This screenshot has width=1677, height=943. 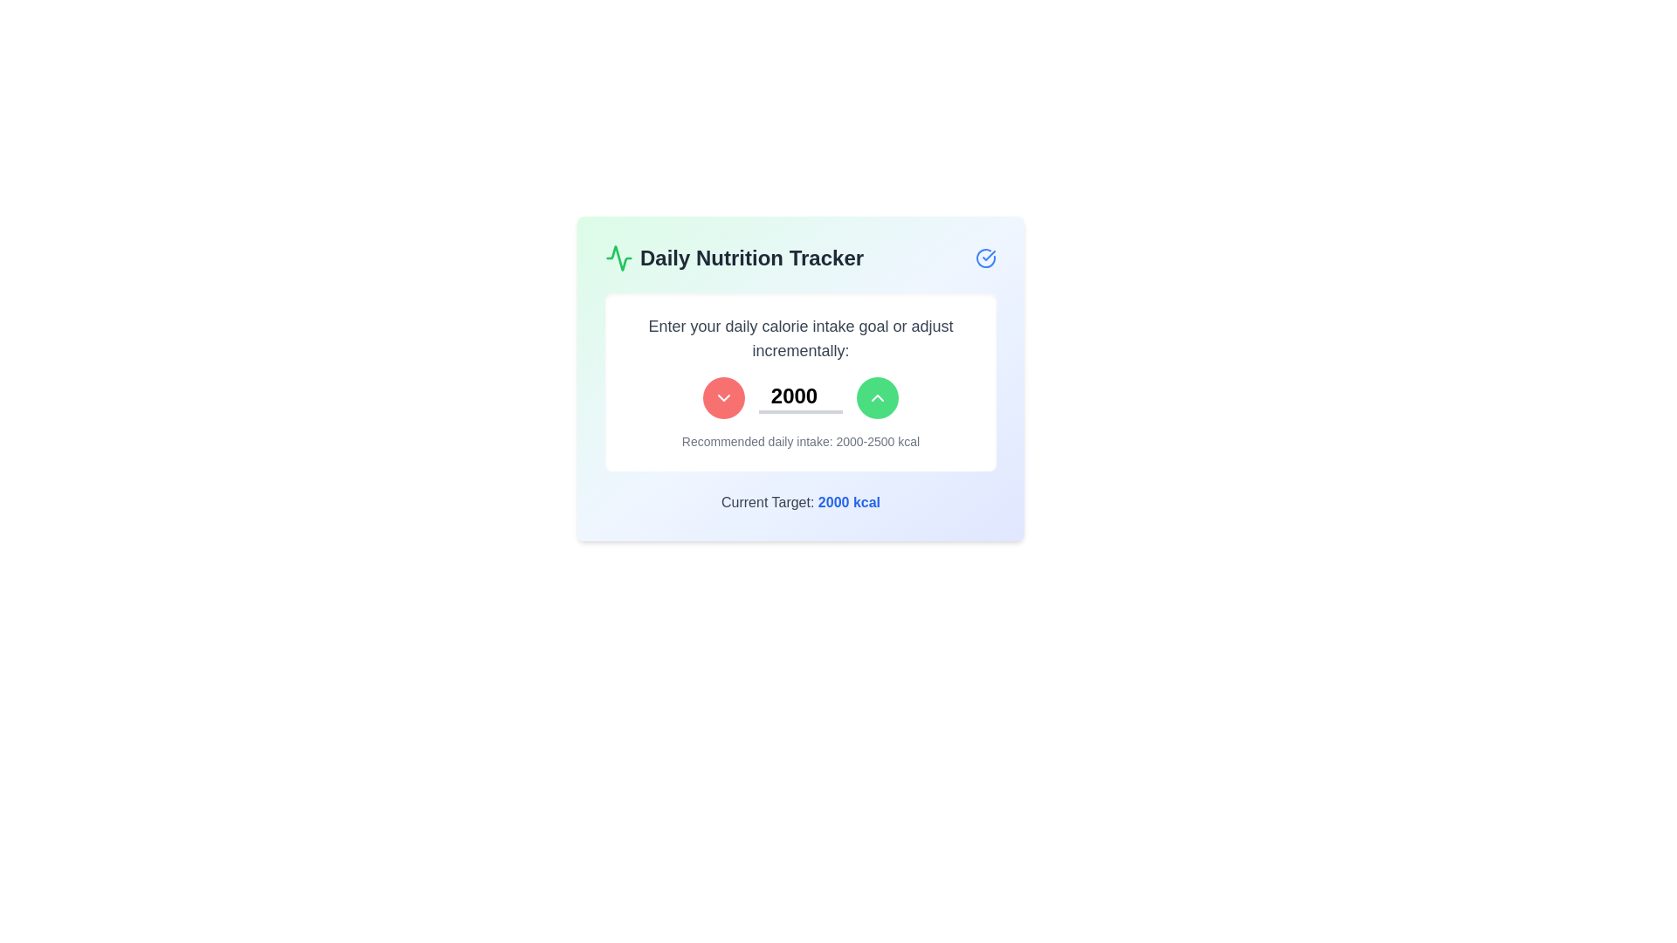 What do you see at coordinates (752, 258) in the screenshot?
I see `the static text header that indicates the daily nutrition tracker, positioned between a green activity icon and a circular arrow icon` at bounding box center [752, 258].